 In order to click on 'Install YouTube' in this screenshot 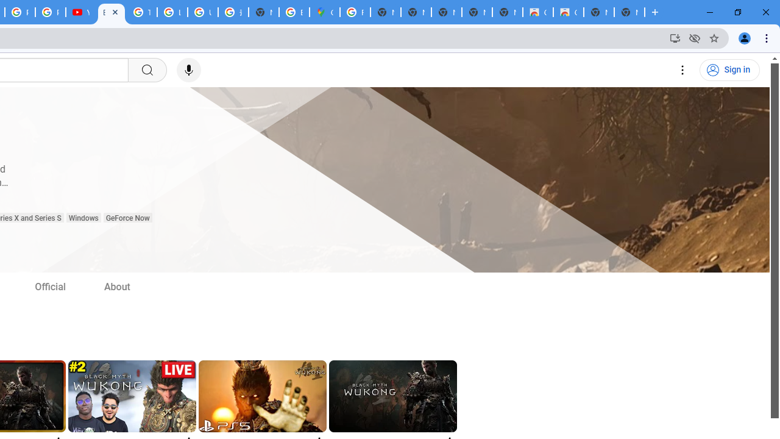, I will do `click(674, 37)`.